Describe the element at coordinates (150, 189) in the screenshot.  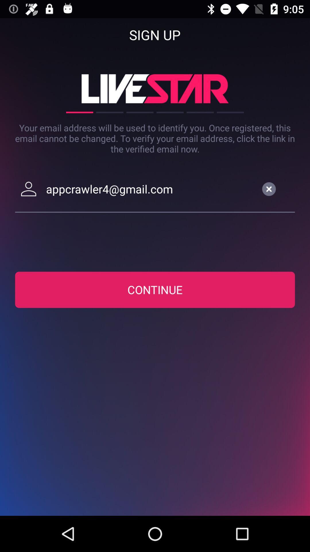
I see `the appcrawler4@gmail.com` at that location.